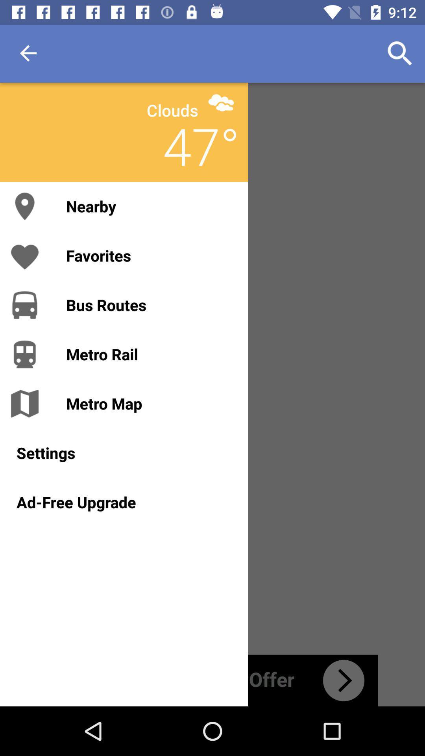 The width and height of the screenshot is (425, 756). I want to click on the nearby, so click(149, 206).